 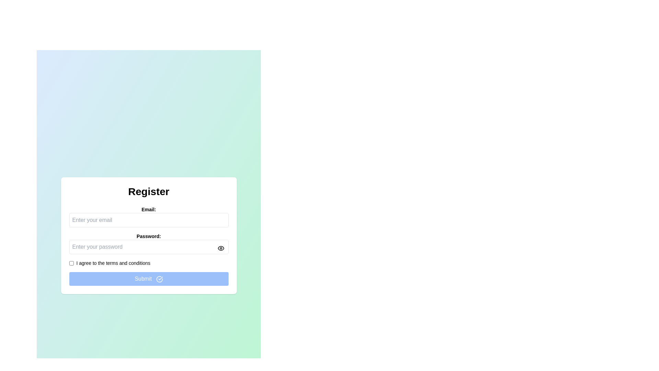 What do you see at coordinates (148, 236) in the screenshot?
I see `the 'Password:' label, which is a bold black text located above the password input field` at bounding box center [148, 236].